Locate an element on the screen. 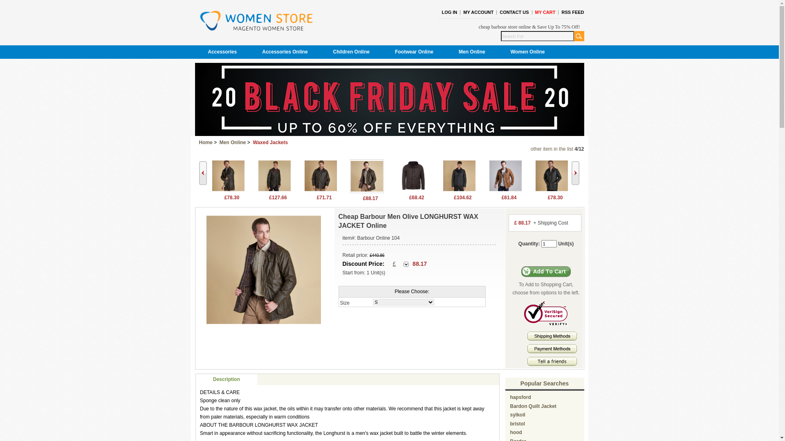  'Bardon Quilt Jacket' is located at coordinates (510, 406).